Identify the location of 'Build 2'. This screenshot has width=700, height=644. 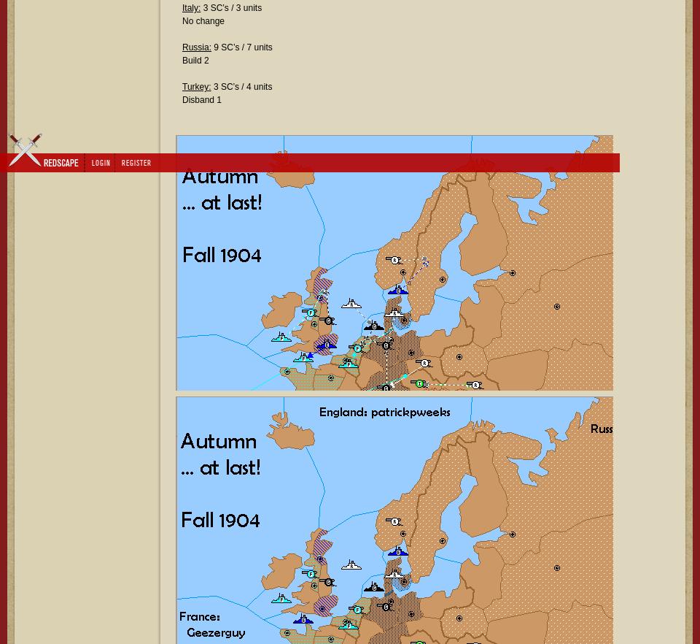
(181, 60).